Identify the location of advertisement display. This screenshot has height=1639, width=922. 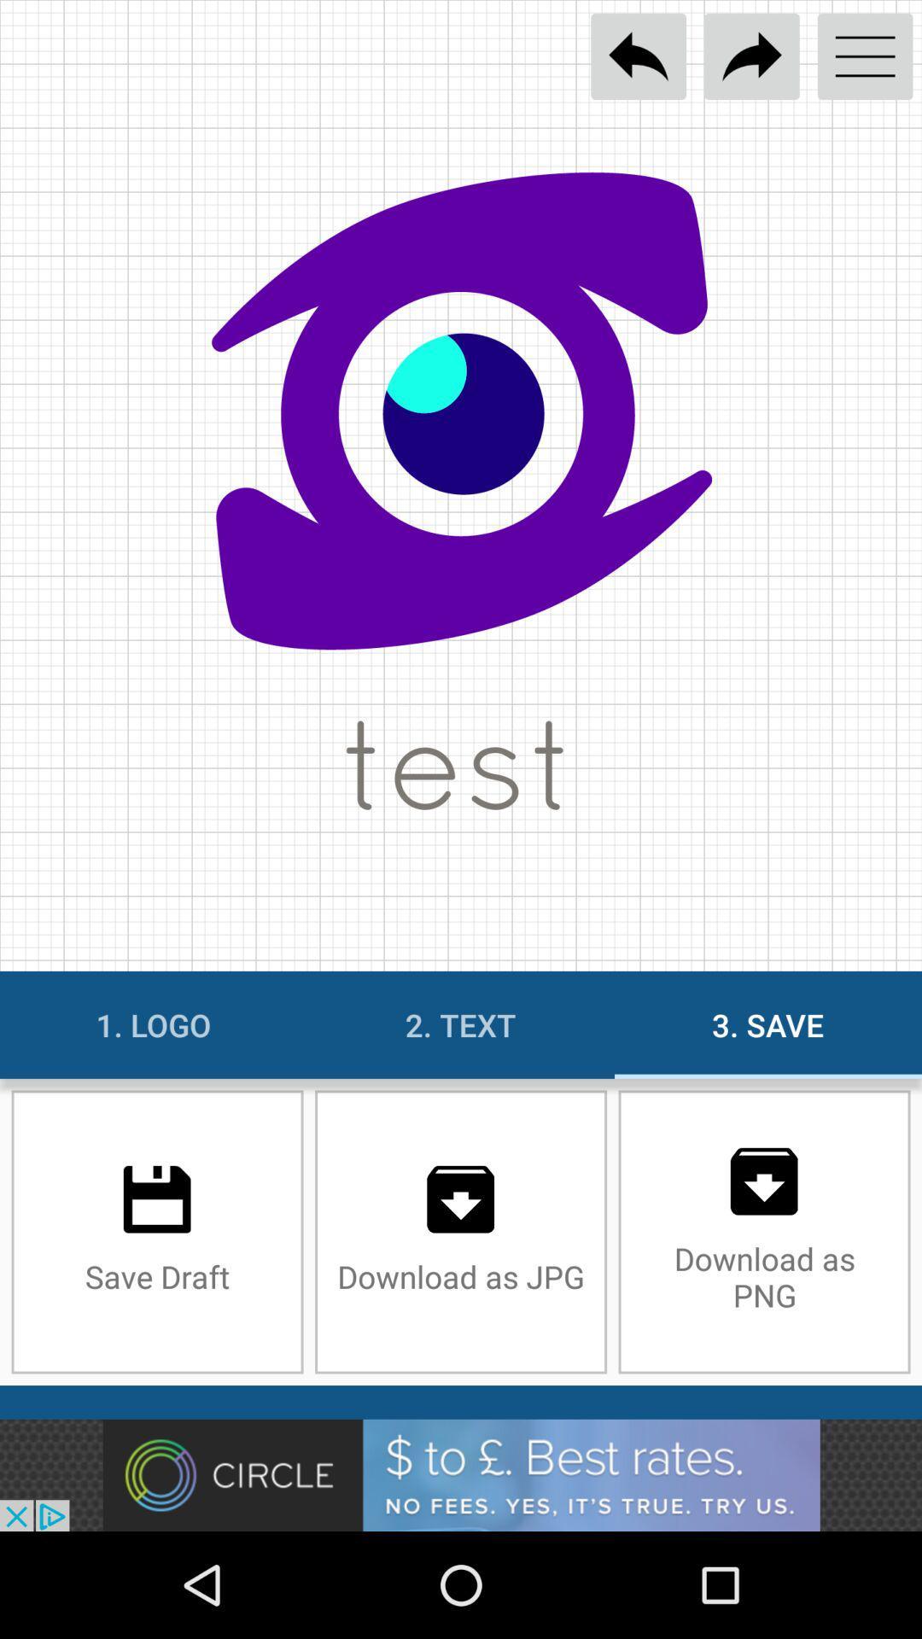
(461, 1474).